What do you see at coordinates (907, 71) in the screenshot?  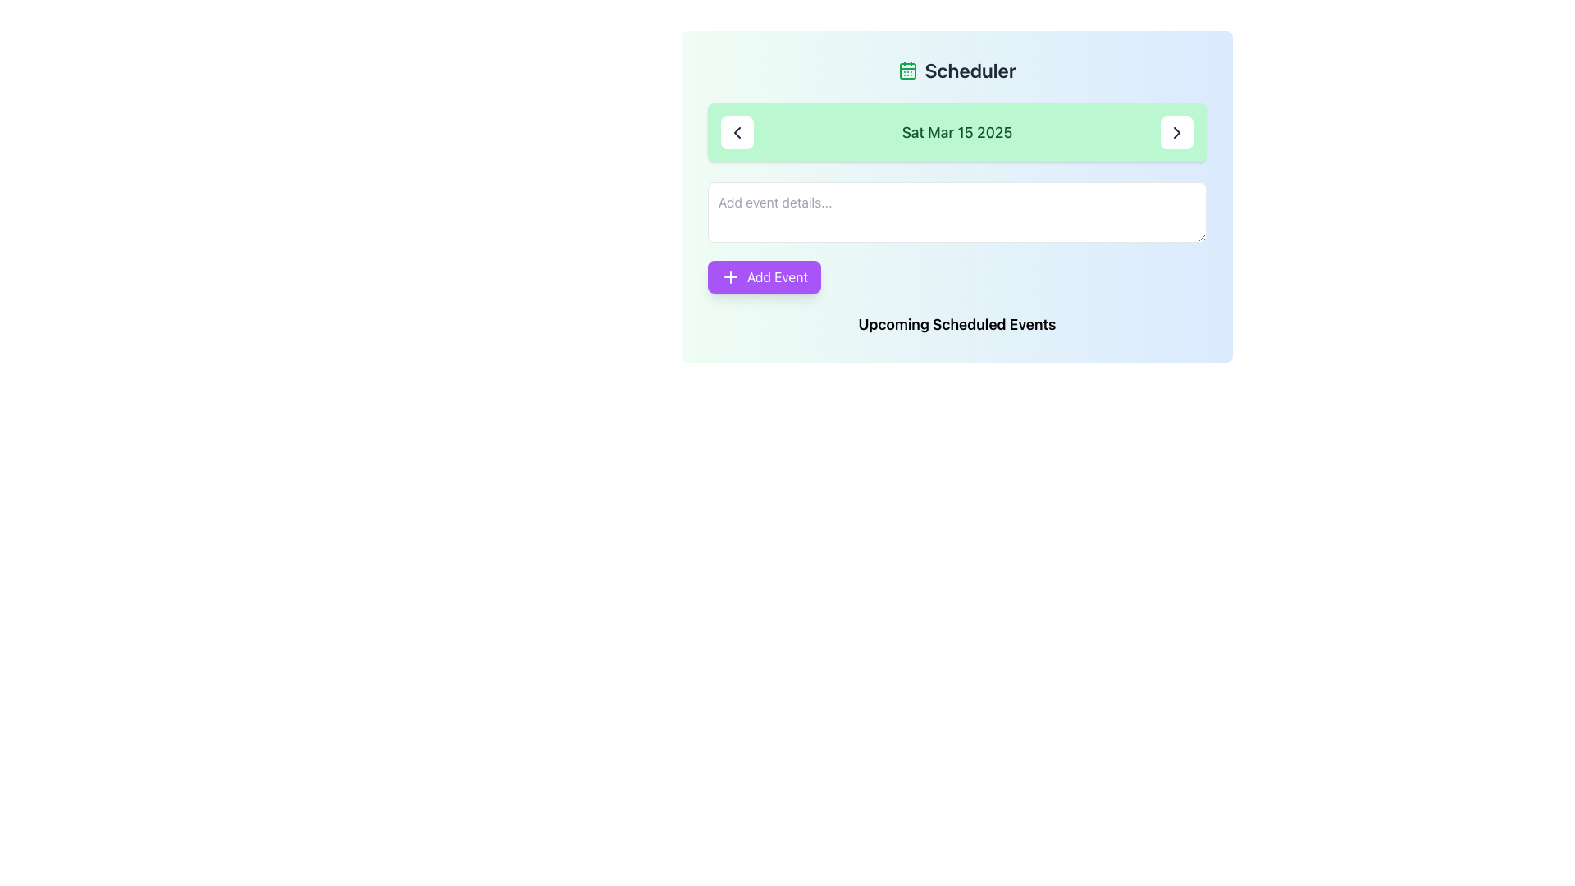 I see `the small, square-shaped element outlined as part of the SVG calendar icon, which resembles a calendar date block, located at the center of the larger calendar icon` at bounding box center [907, 71].